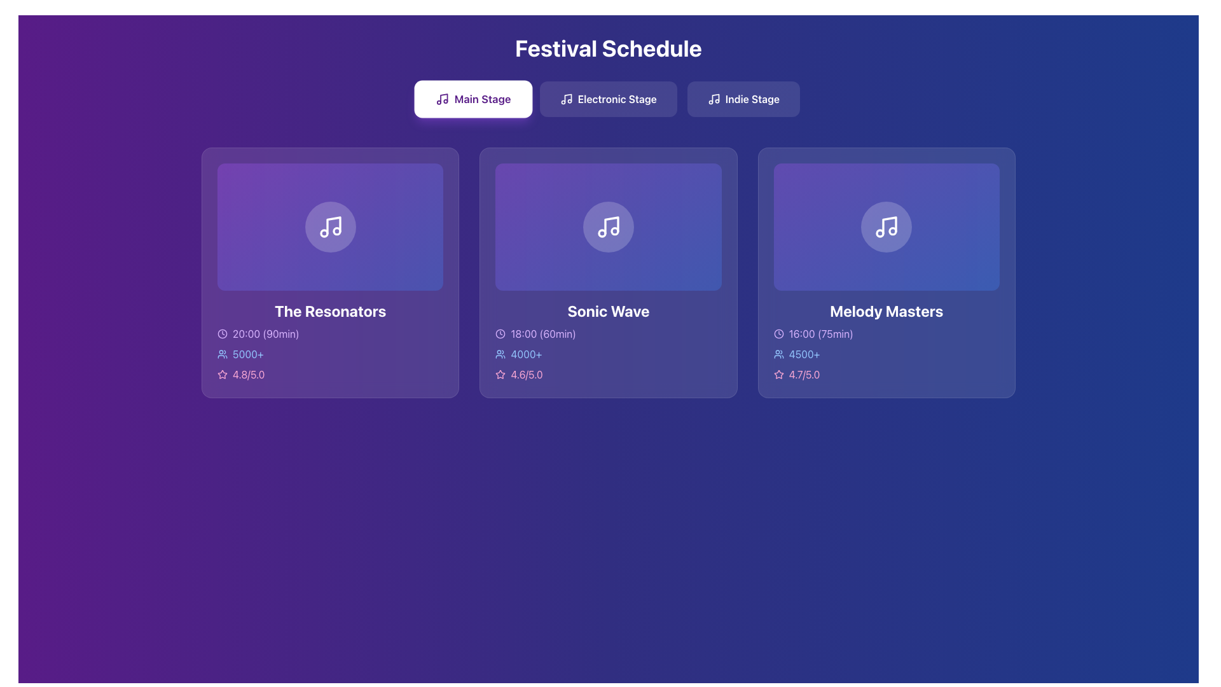 This screenshot has width=1221, height=687. I want to click on the second circular SVG element representing an inner detail of the music note icon within the 'Sonic Wave' card, so click(614, 231).